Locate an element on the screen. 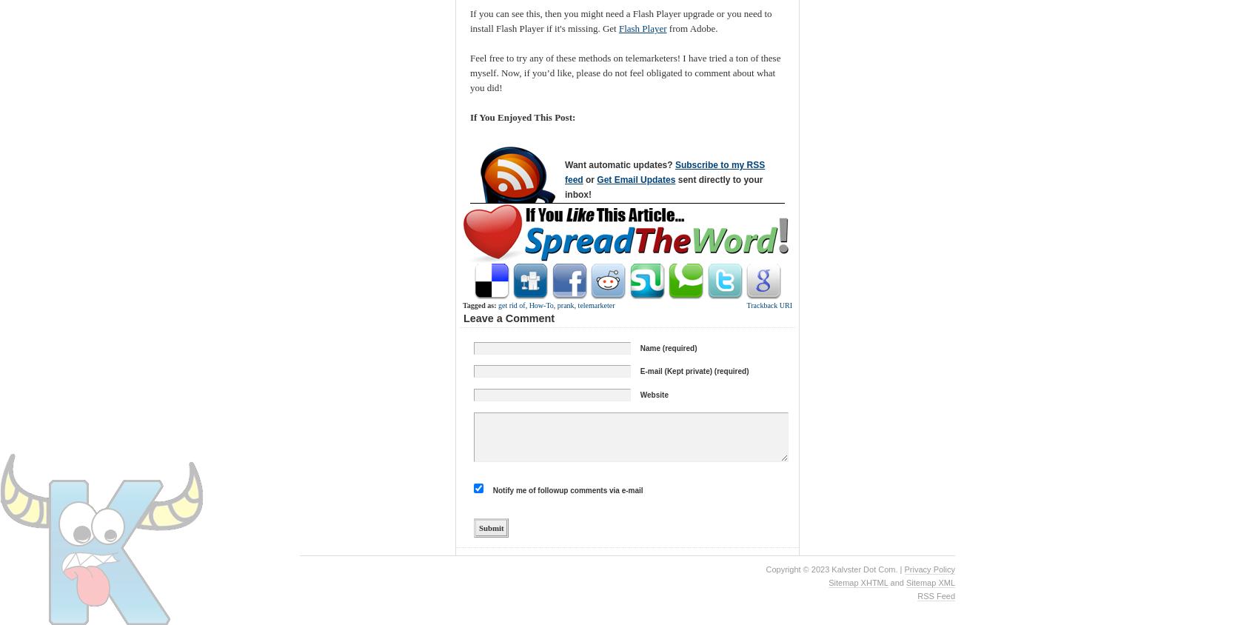 The width and height of the screenshot is (1255, 625). 'Subscribe to my RSS feed' is located at coordinates (664, 171).